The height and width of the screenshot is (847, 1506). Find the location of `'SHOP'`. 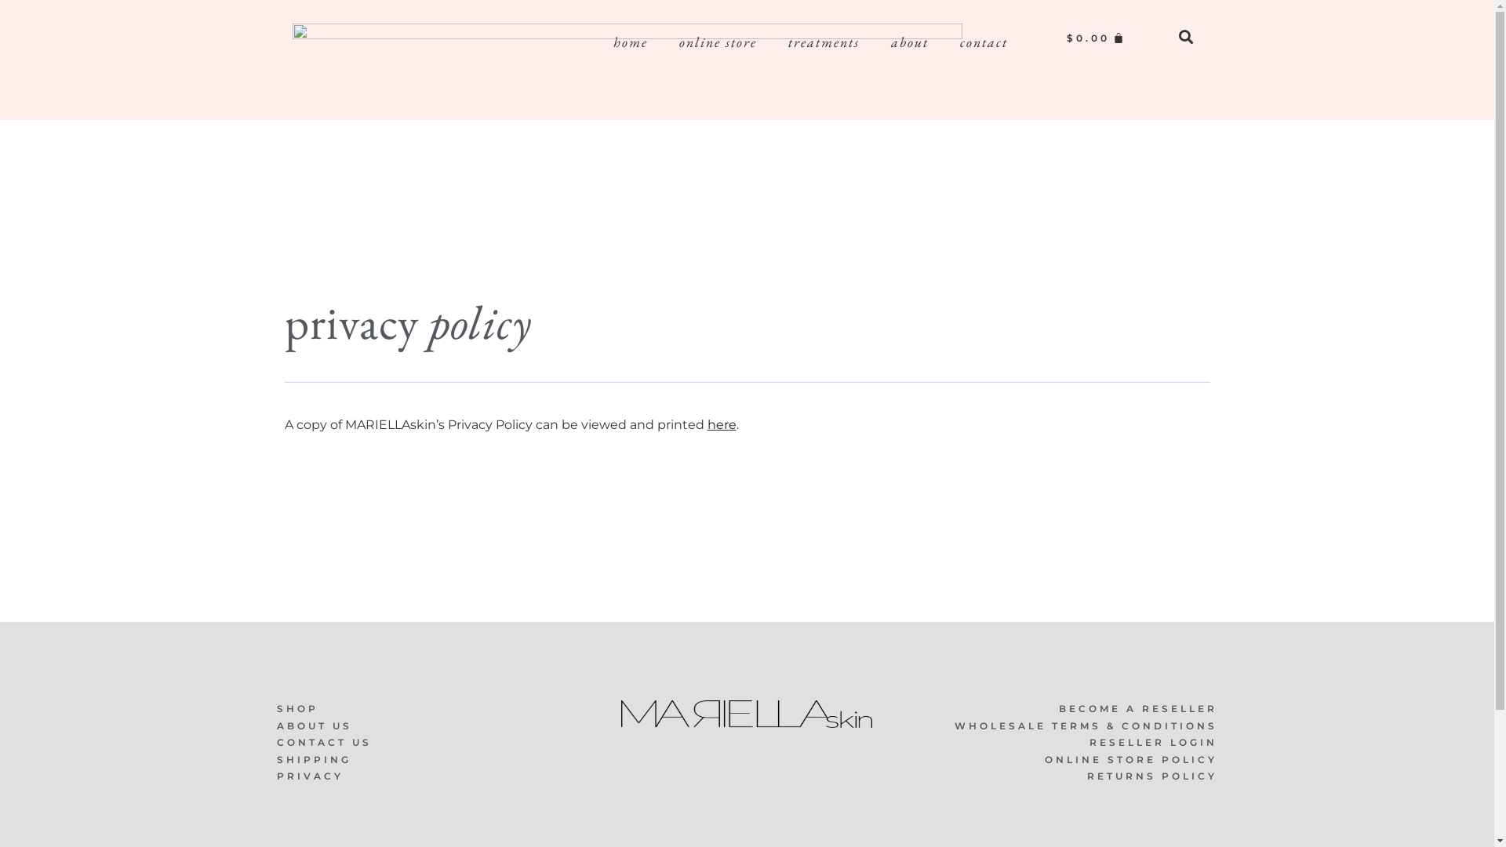

'SHOP' is located at coordinates (433, 708).